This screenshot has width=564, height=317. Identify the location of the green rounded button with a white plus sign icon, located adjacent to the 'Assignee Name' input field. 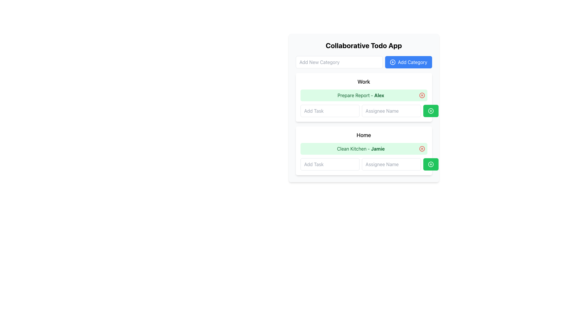
(431, 111).